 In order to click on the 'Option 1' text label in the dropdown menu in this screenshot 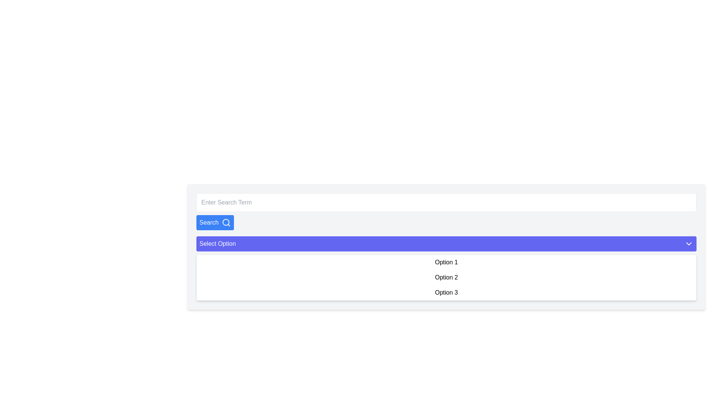, I will do `click(446, 262)`.